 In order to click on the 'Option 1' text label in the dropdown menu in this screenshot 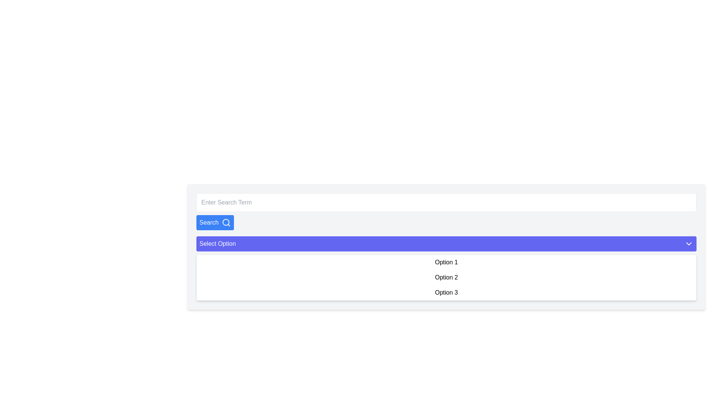, I will do `click(446, 262)`.